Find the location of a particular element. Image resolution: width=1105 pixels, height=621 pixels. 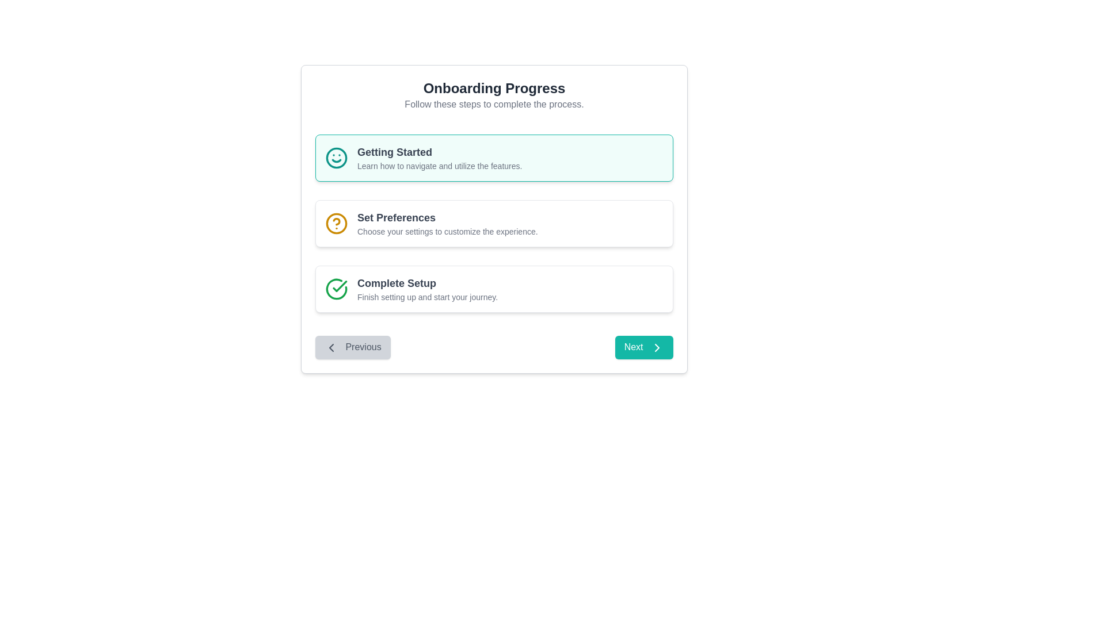

small-sized text section containing the content: 'Choose your settings to customize the experience.' located below the title 'Set Preferences.' is located at coordinates (447, 231).